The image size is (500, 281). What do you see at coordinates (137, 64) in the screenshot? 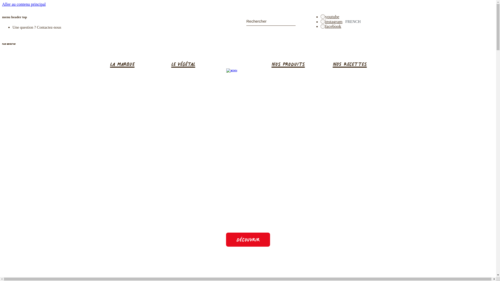
I see `'La marque'` at bounding box center [137, 64].